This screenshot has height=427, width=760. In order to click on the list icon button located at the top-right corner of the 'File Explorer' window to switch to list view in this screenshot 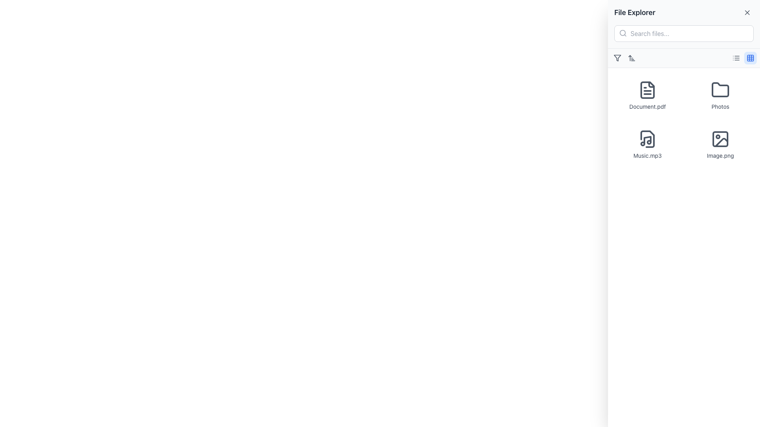, I will do `click(736, 57)`.